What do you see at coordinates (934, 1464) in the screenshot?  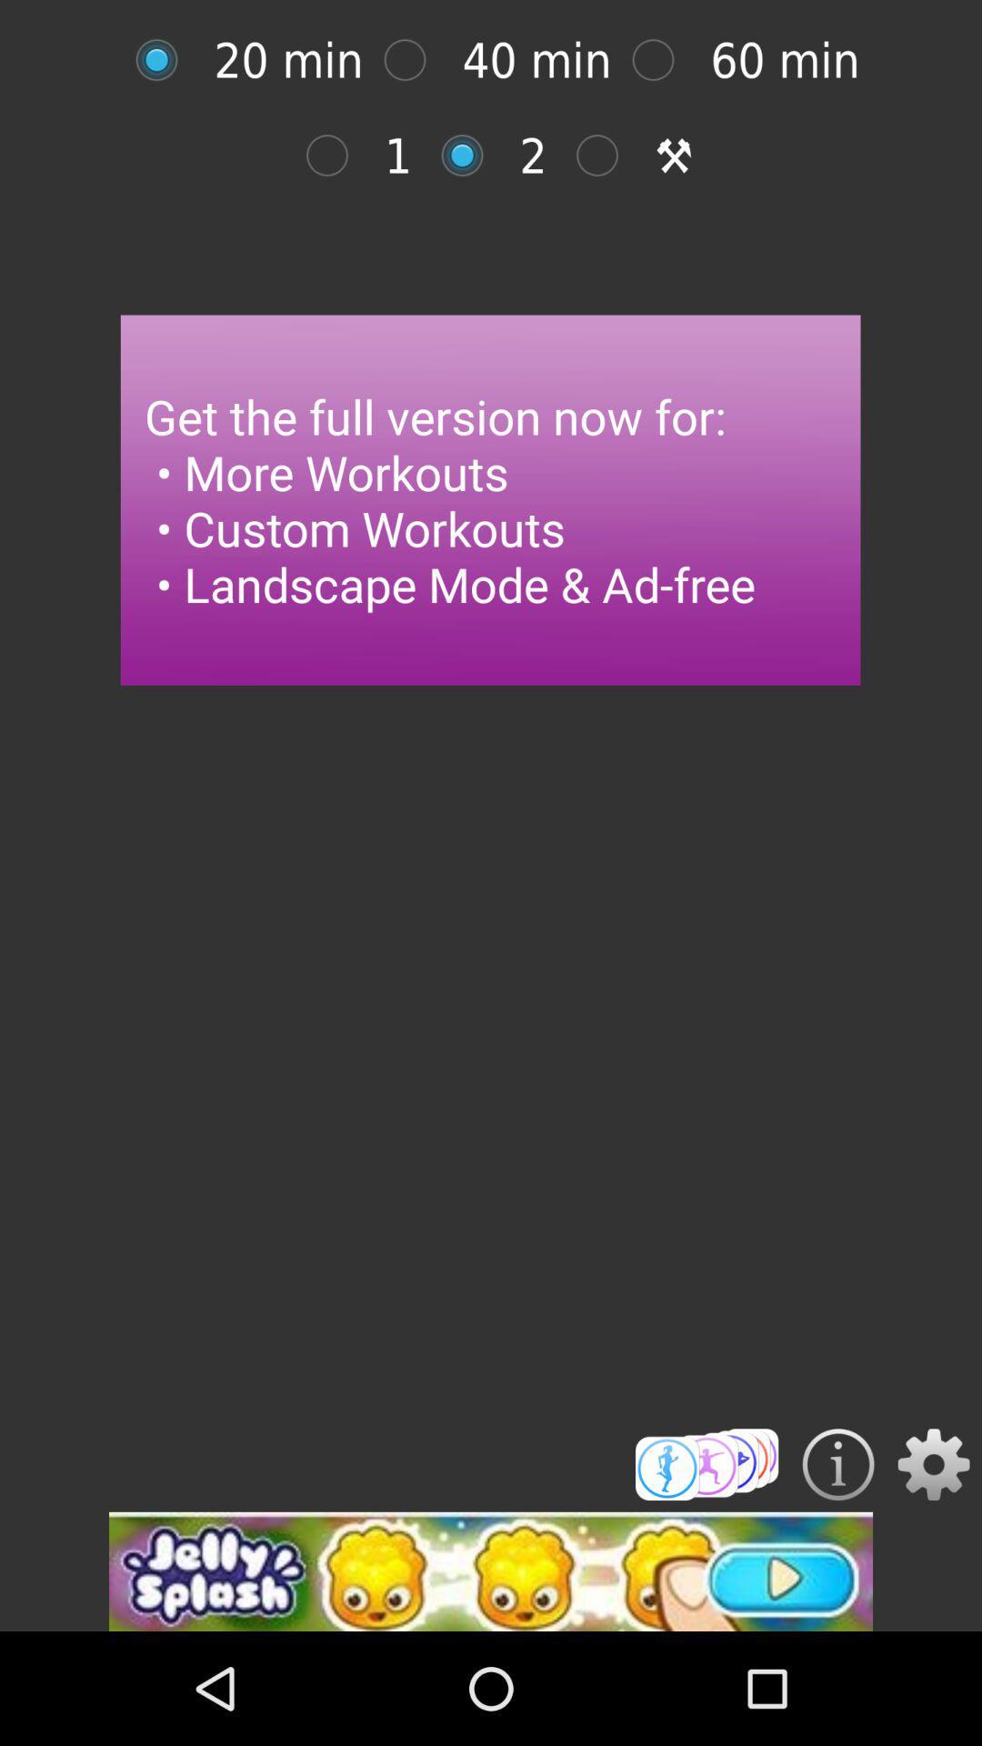 I see `settings button` at bounding box center [934, 1464].